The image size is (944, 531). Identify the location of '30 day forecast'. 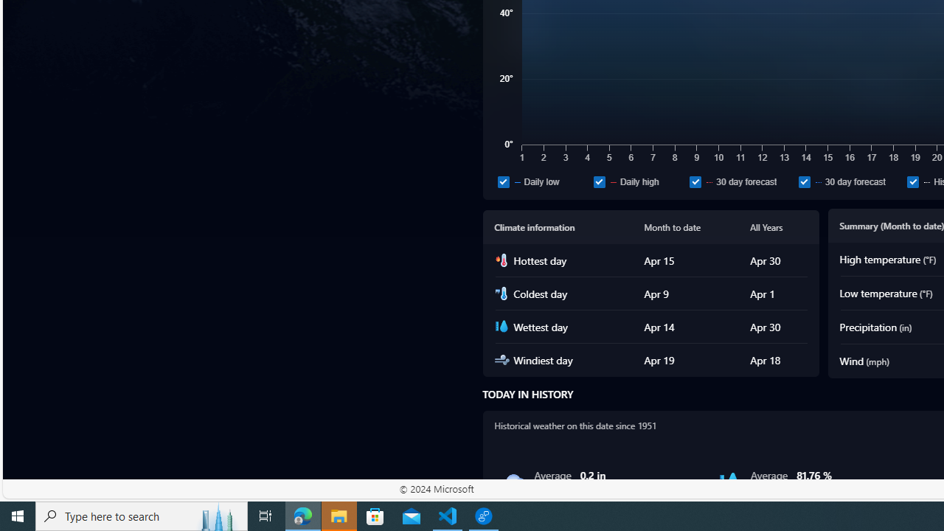
(803, 181).